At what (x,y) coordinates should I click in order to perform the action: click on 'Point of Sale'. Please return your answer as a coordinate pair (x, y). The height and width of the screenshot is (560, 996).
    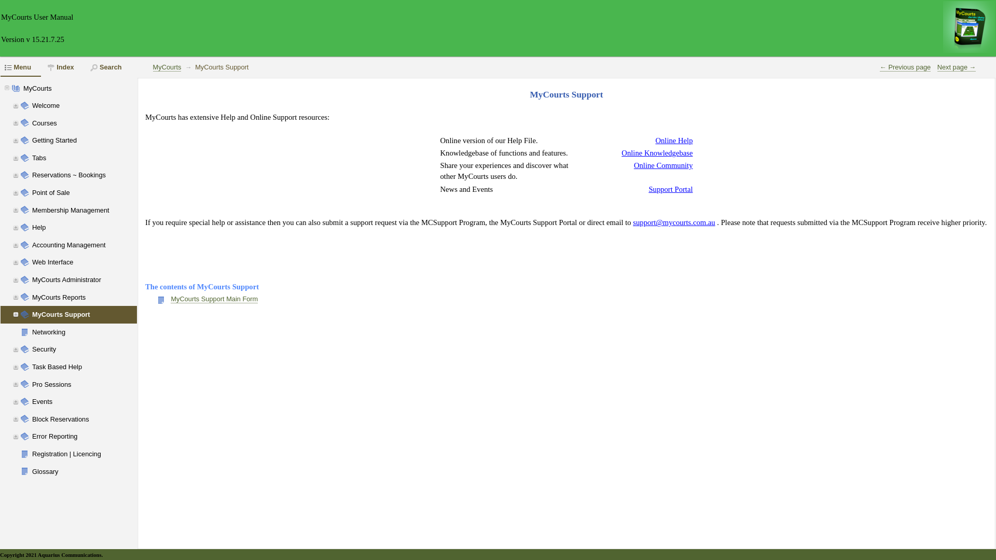
    Looking at the image, I should click on (98, 192).